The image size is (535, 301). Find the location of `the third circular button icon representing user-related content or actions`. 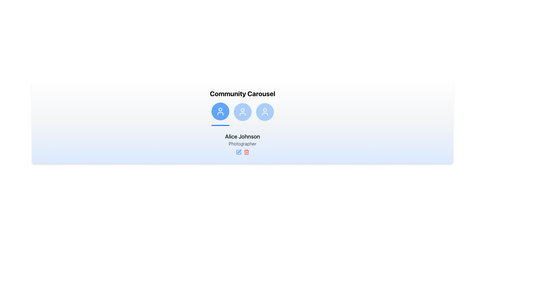

the third circular button icon representing user-related content or actions is located at coordinates (264, 112).